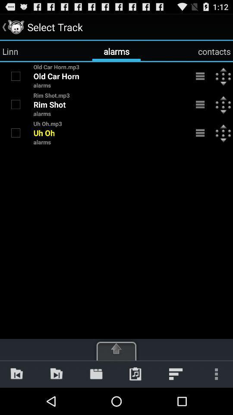 Image resolution: width=233 pixels, height=415 pixels. I want to click on the 2nd menu bar icon, so click(200, 104).